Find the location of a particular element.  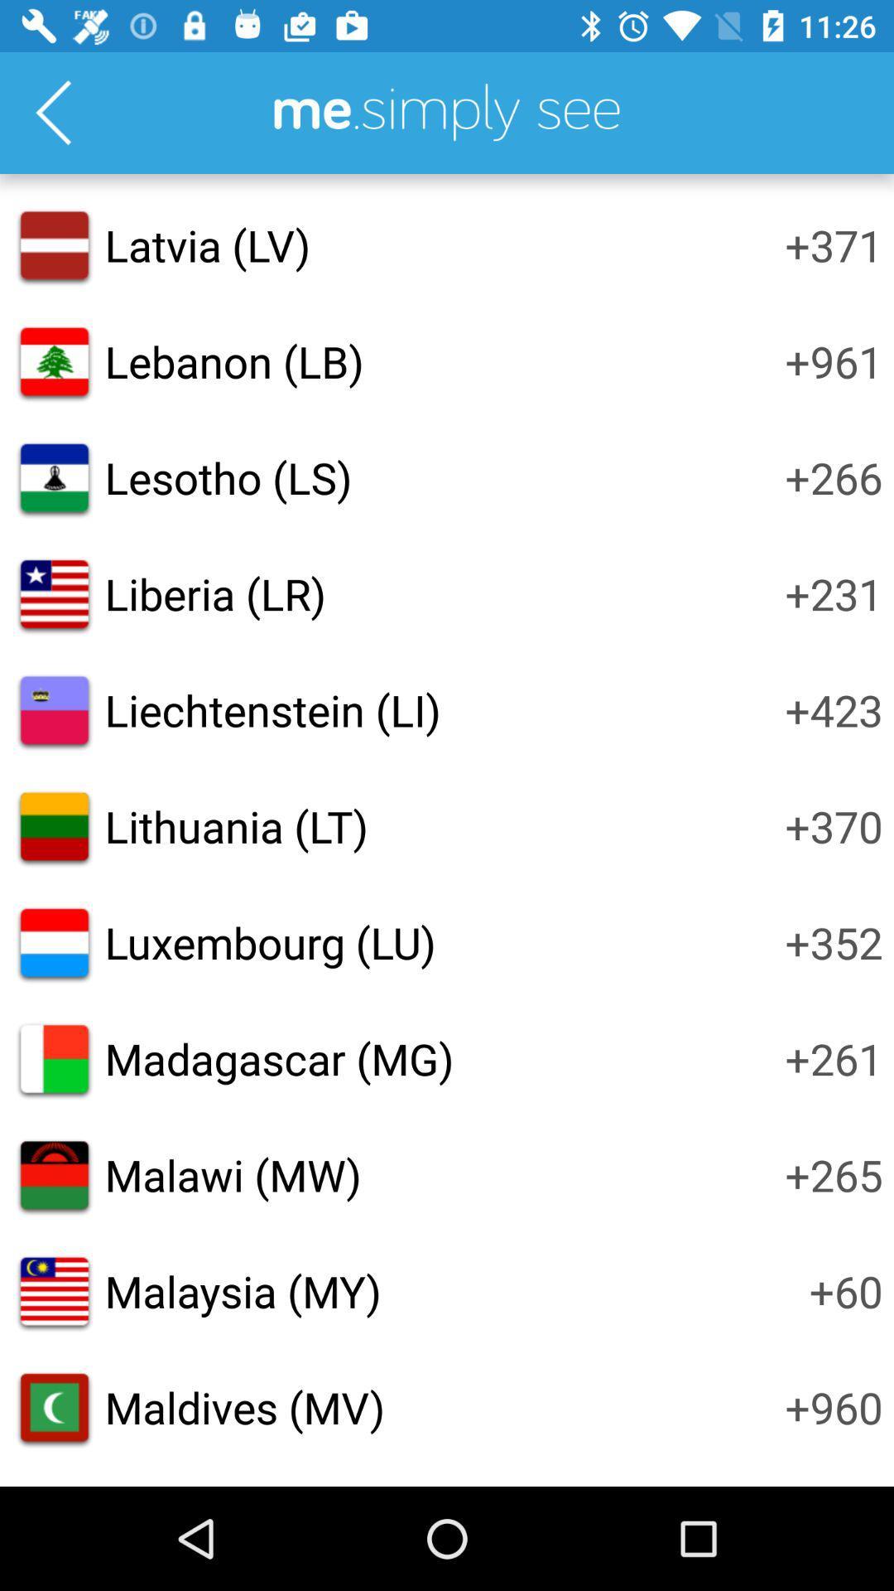

the icon above the +370 icon is located at coordinates (834, 709).